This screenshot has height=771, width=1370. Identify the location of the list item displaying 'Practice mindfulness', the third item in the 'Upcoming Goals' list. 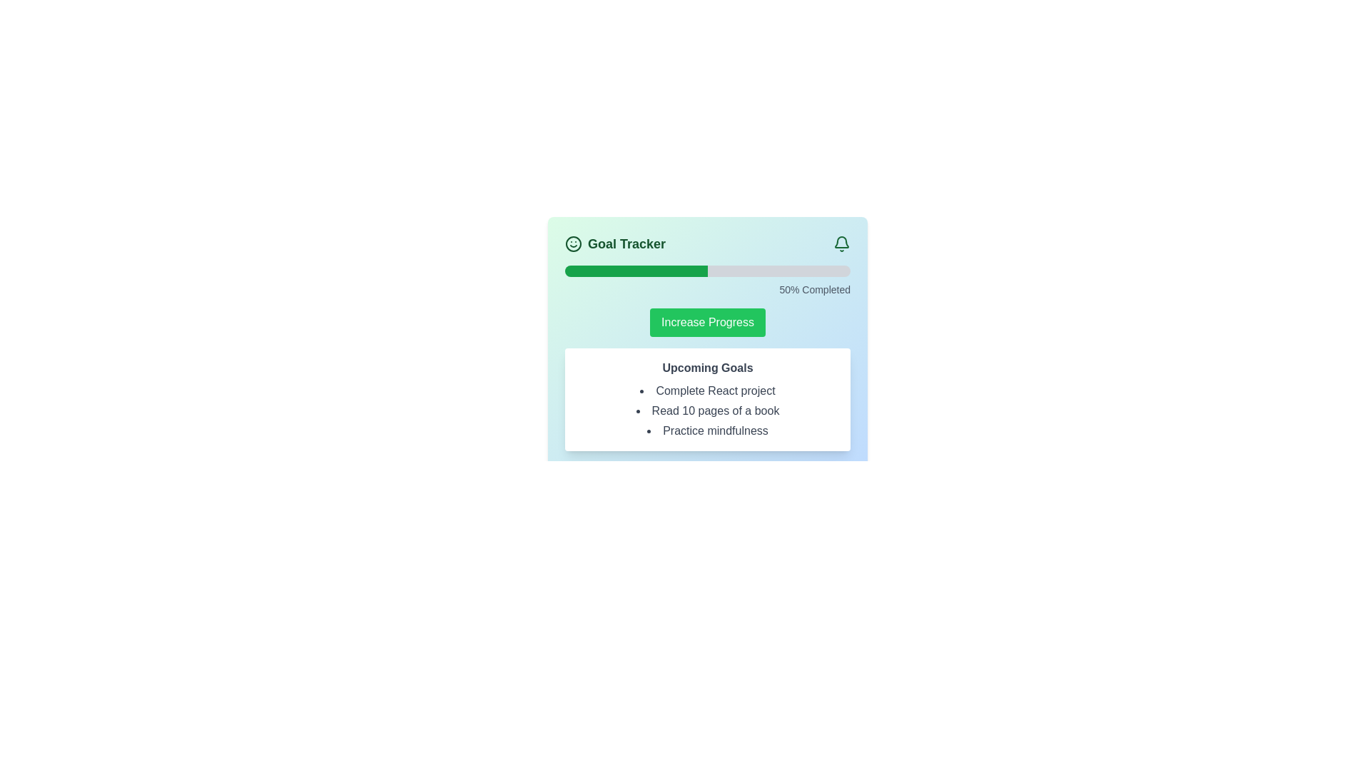
(708, 430).